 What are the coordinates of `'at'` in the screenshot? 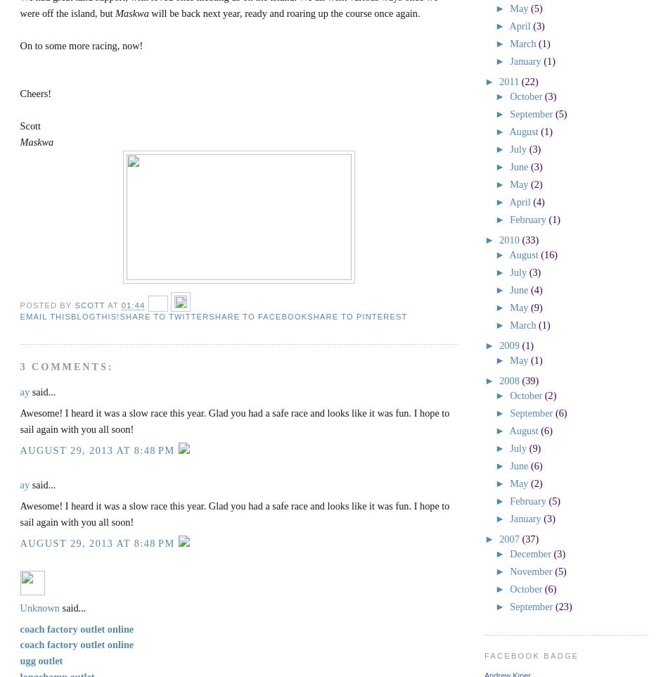 It's located at (114, 304).